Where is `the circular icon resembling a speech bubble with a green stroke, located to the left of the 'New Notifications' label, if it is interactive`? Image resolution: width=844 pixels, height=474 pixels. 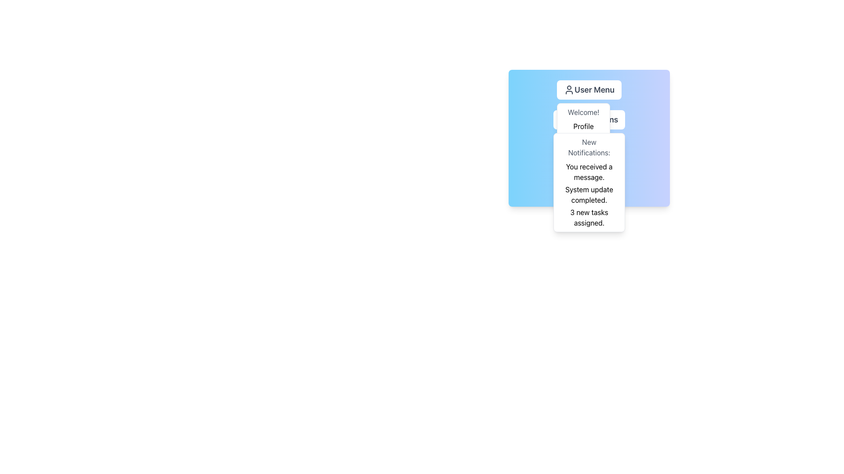
the circular icon resembling a speech bubble with a green stroke, located to the left of the 'New Notifications' label, if it is interactive is located at coordinates (571, 148).